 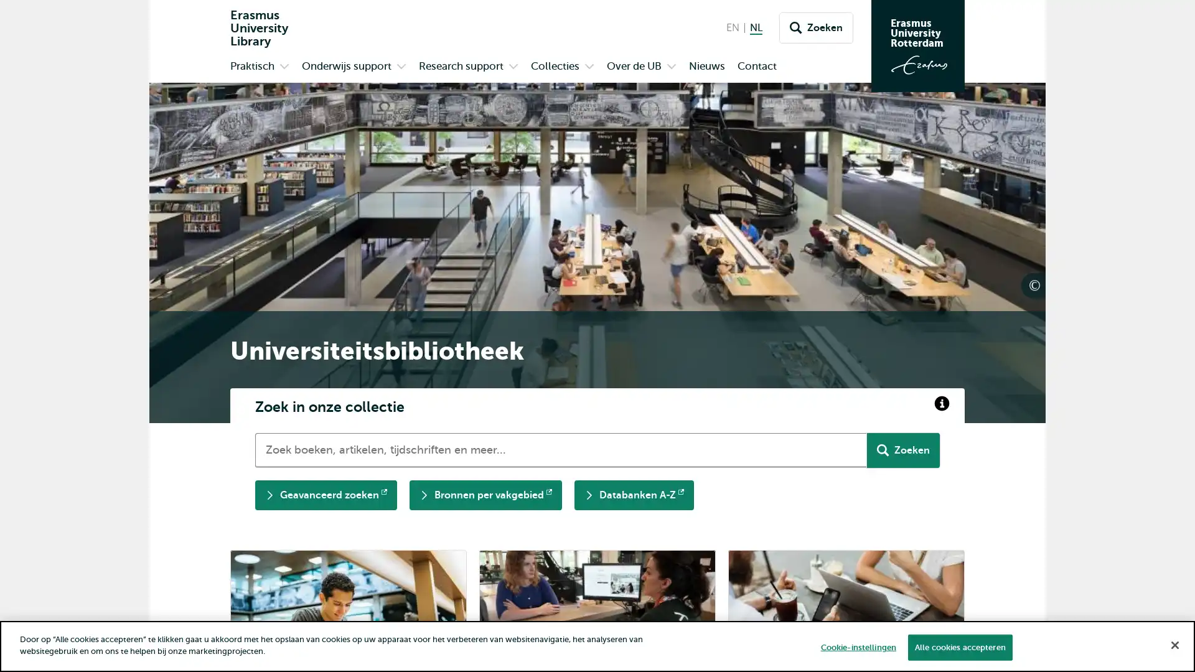 What do you see at coordinates (401, 67) in the screenshot?
I see `Open submenu` at bounding box center [401, 67].